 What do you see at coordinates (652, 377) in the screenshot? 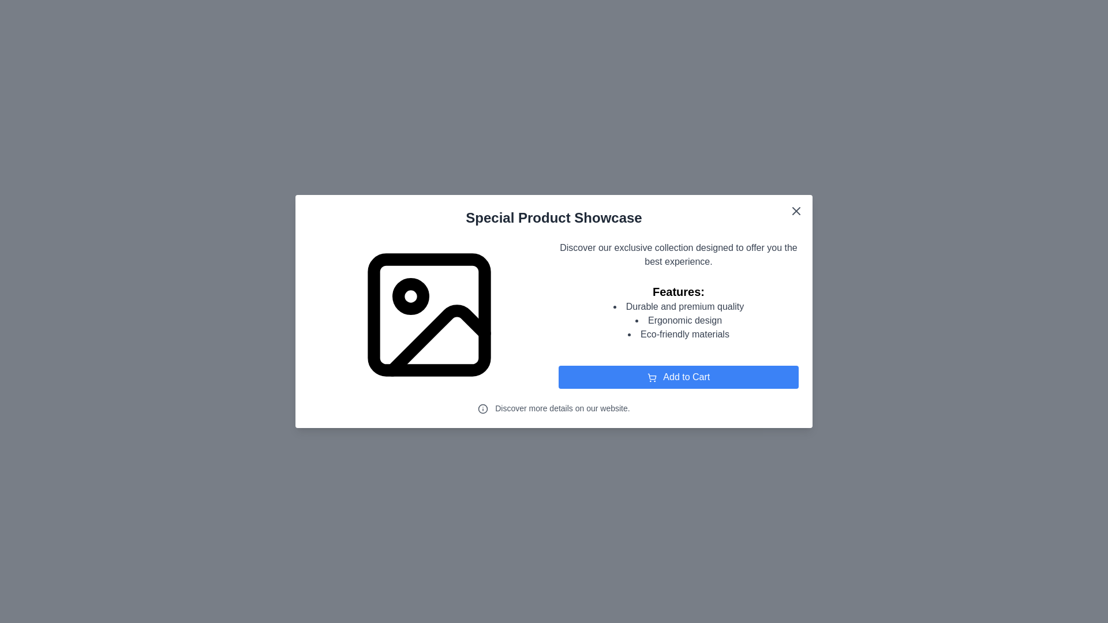
I see `the small shopping cart icon located within the 'Add to Cart' button, which is styled with a white stroke on a blue background` at bounding box center [652, 377].